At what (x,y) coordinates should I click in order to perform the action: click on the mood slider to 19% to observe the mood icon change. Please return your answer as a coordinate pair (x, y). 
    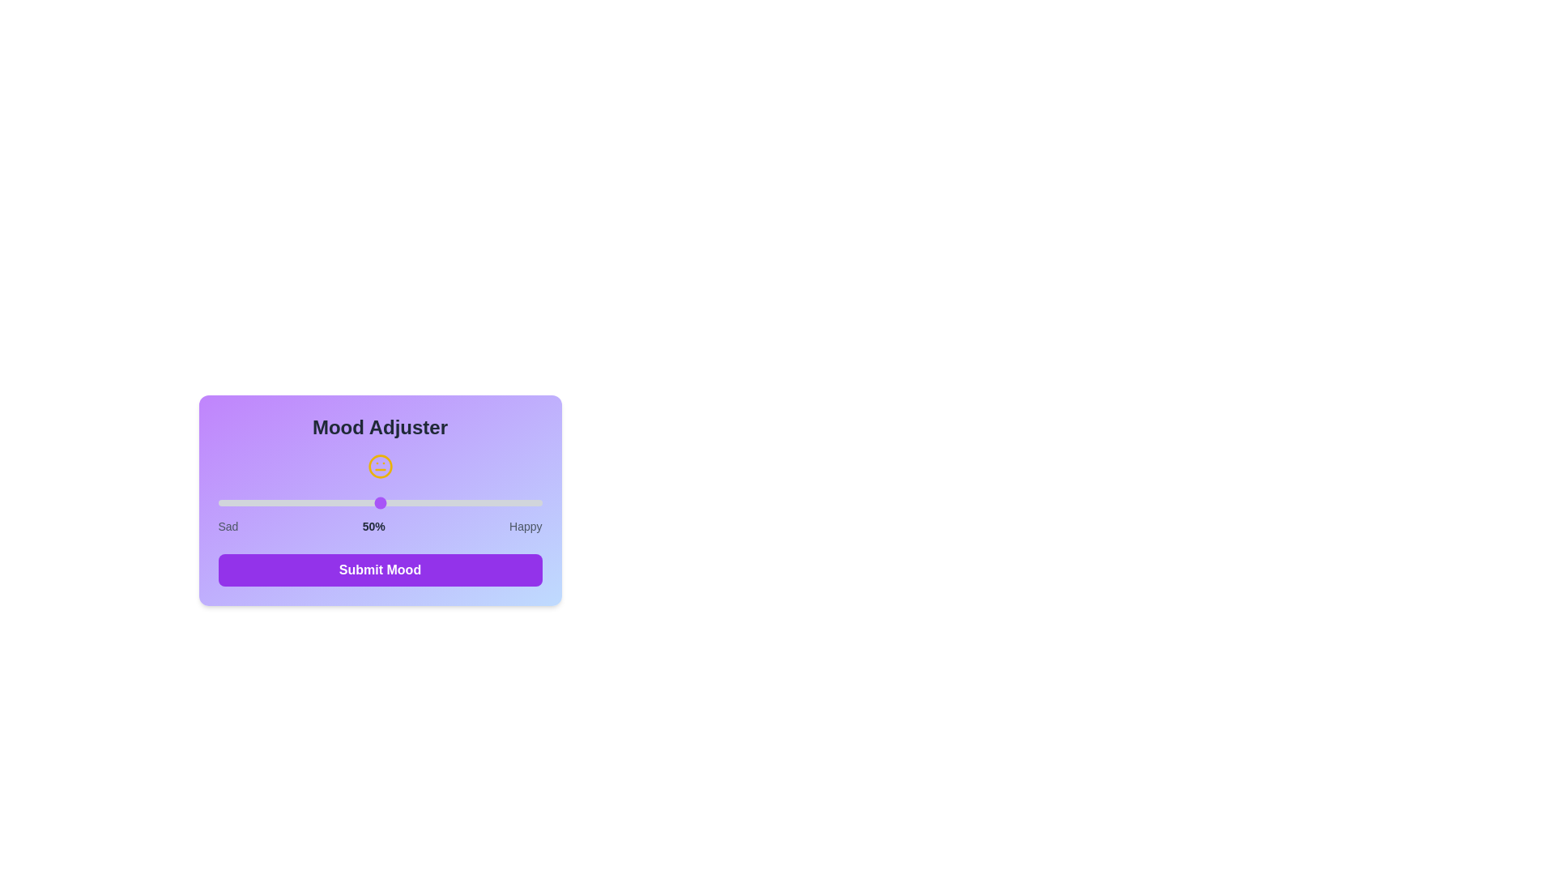
    Looking at the image, I should click on (279, 502).